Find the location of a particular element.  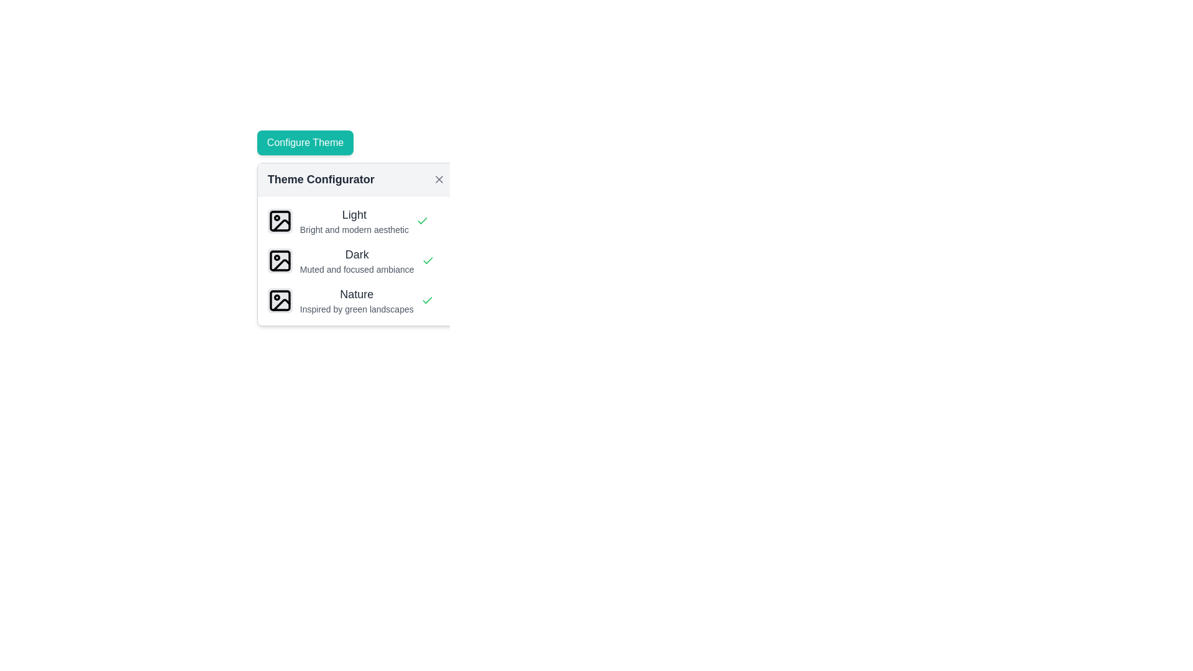

descriptive subtitle text element located below the 'Nature' theme in the 'Theme Configurator' section is located at coordinates (356, 308).